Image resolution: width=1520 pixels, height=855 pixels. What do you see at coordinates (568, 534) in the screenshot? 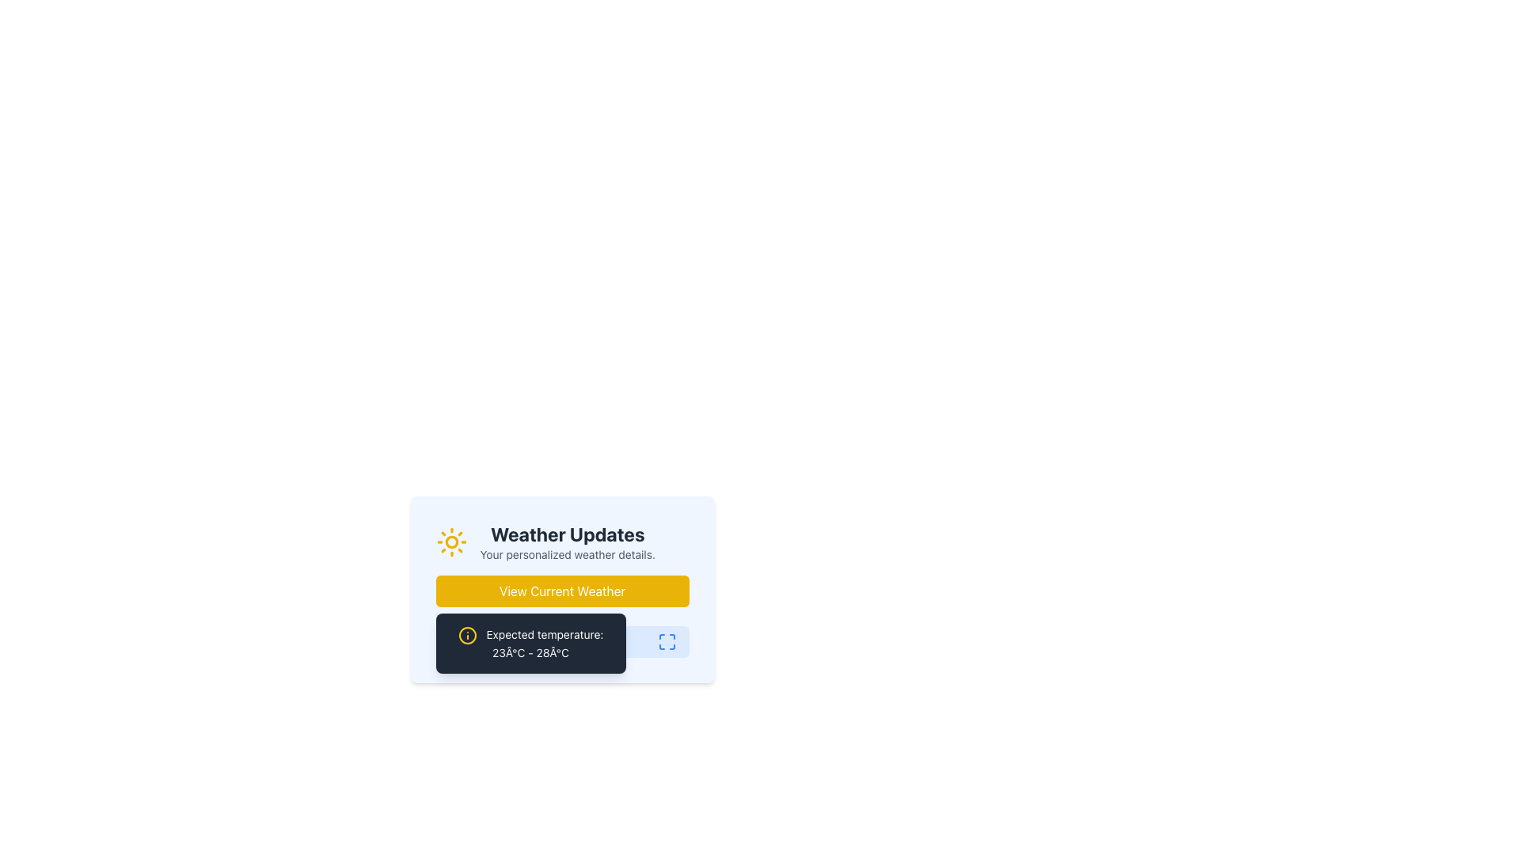
I see `text of the Text Header, which serves as the title for the weather information section located near the center-left of the interface, above 'Your personalized weather details.'` at bounding box center [568, 534].